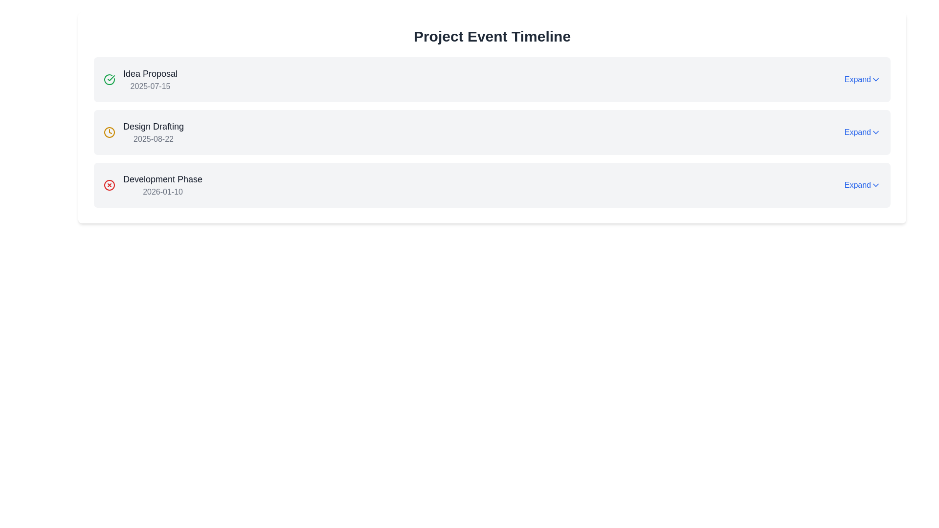  What do you see at coordinates (110, 79) in the screenshot?
I see `the status icon indicating 'completed' for the 'Idea Proposal' item, located adjacent to the text 'Idea Proposal' and the date '2025-07-15'` at bounding box center [110, 79].